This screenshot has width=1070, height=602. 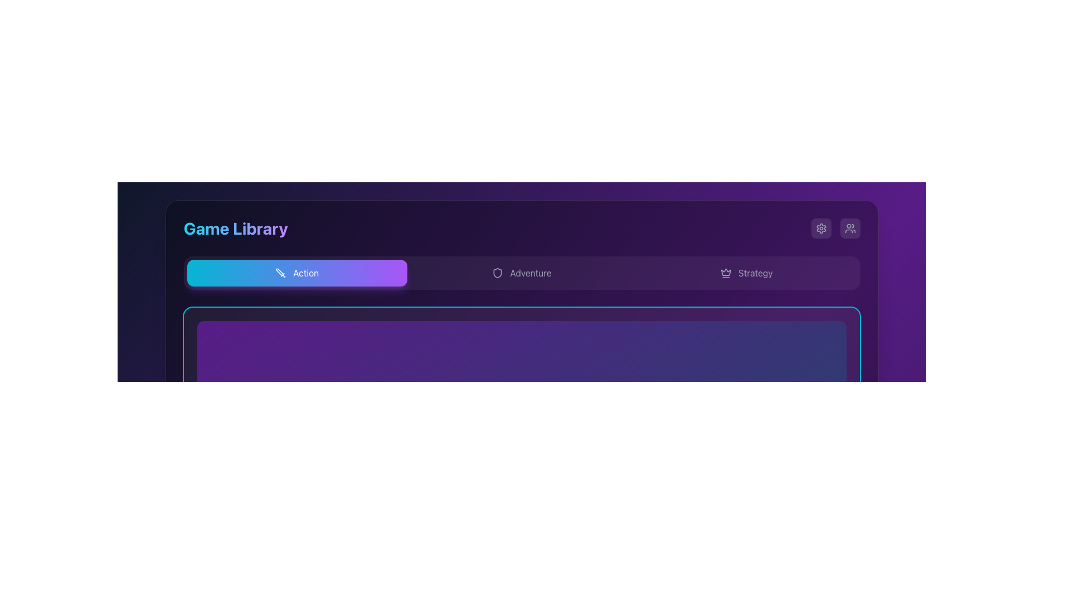 What do you see at coordinates (746, 273) in the screenshot?
I see `the 'Strategy' button, which is the rightmost button with a purple background and a crown icon` at bounding box center [746, 273].